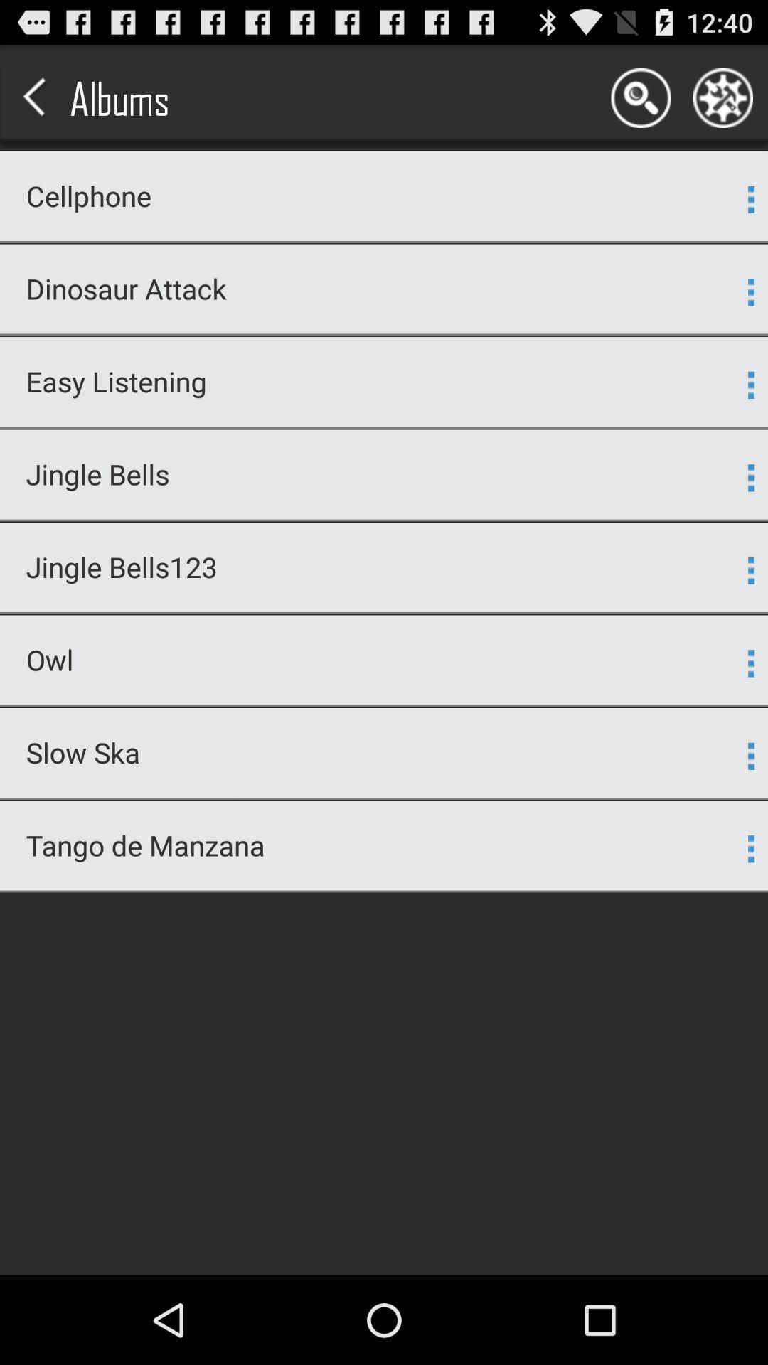 The image size is (768, 1365). Describe the element at coordinates (384, 613) in the screenshot. I see `app below the jingle bells123 icon` at that location.